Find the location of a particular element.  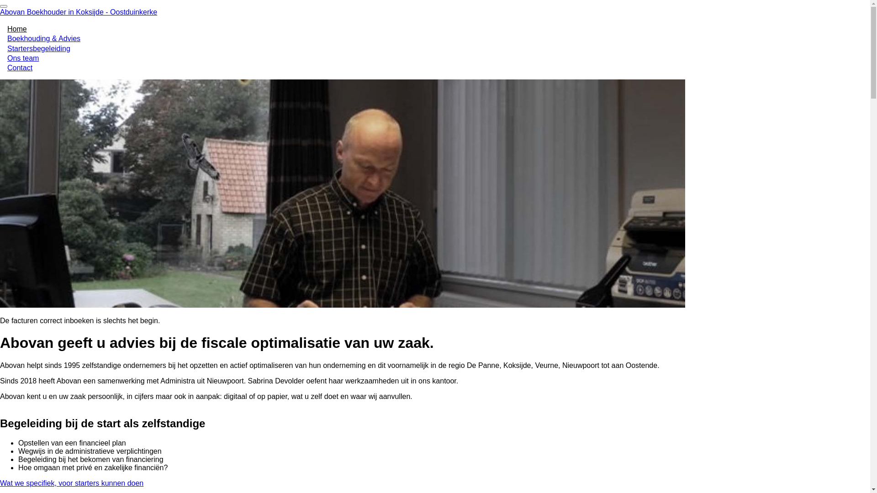

'Contact' is located at coordinates (7, 67).